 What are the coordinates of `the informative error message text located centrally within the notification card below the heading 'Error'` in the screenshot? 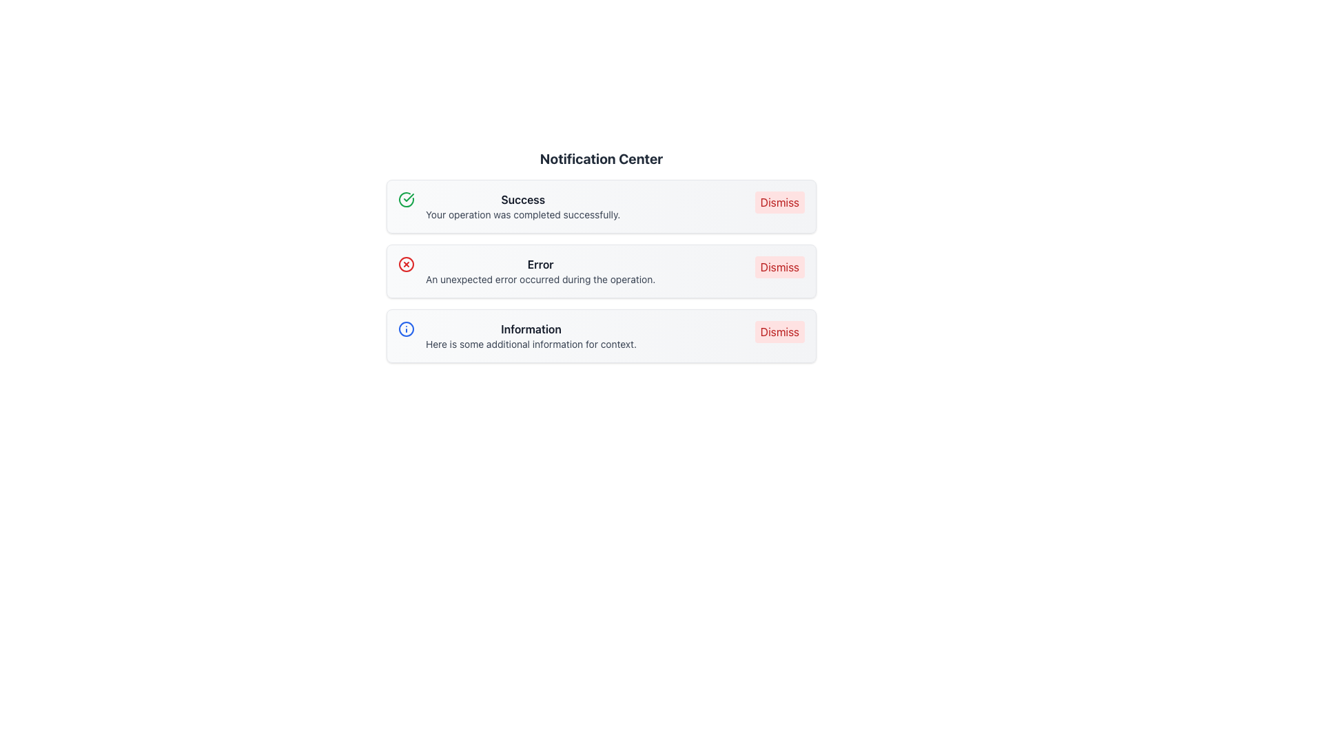 It's located at (540, 279).